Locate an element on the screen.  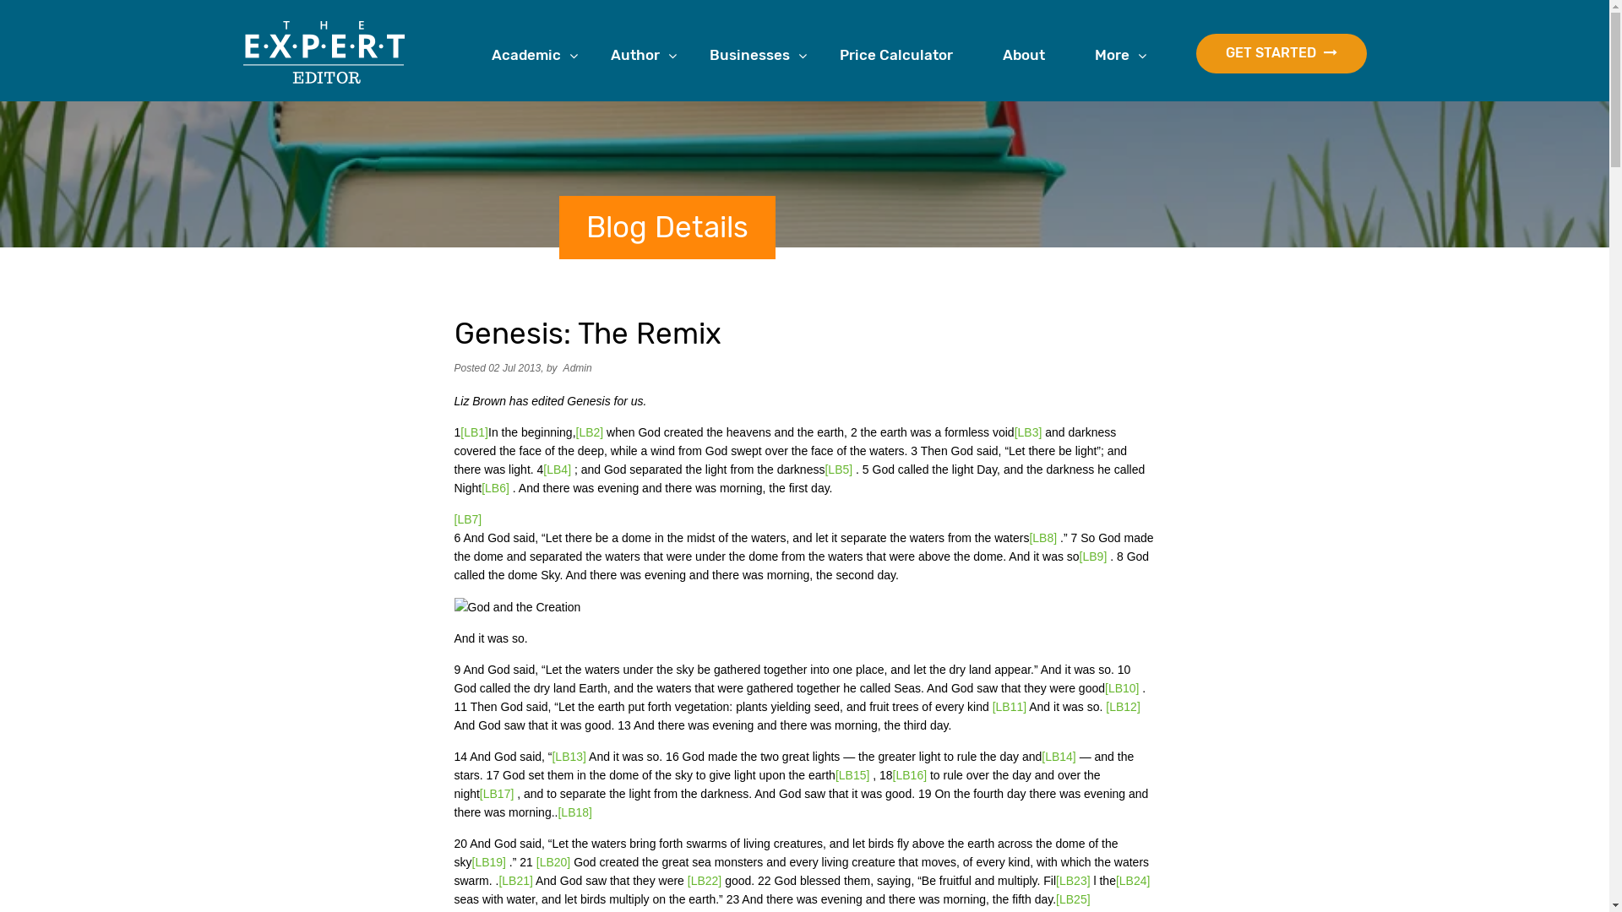
'[LB14]' is located at coordinates (1057, 755).